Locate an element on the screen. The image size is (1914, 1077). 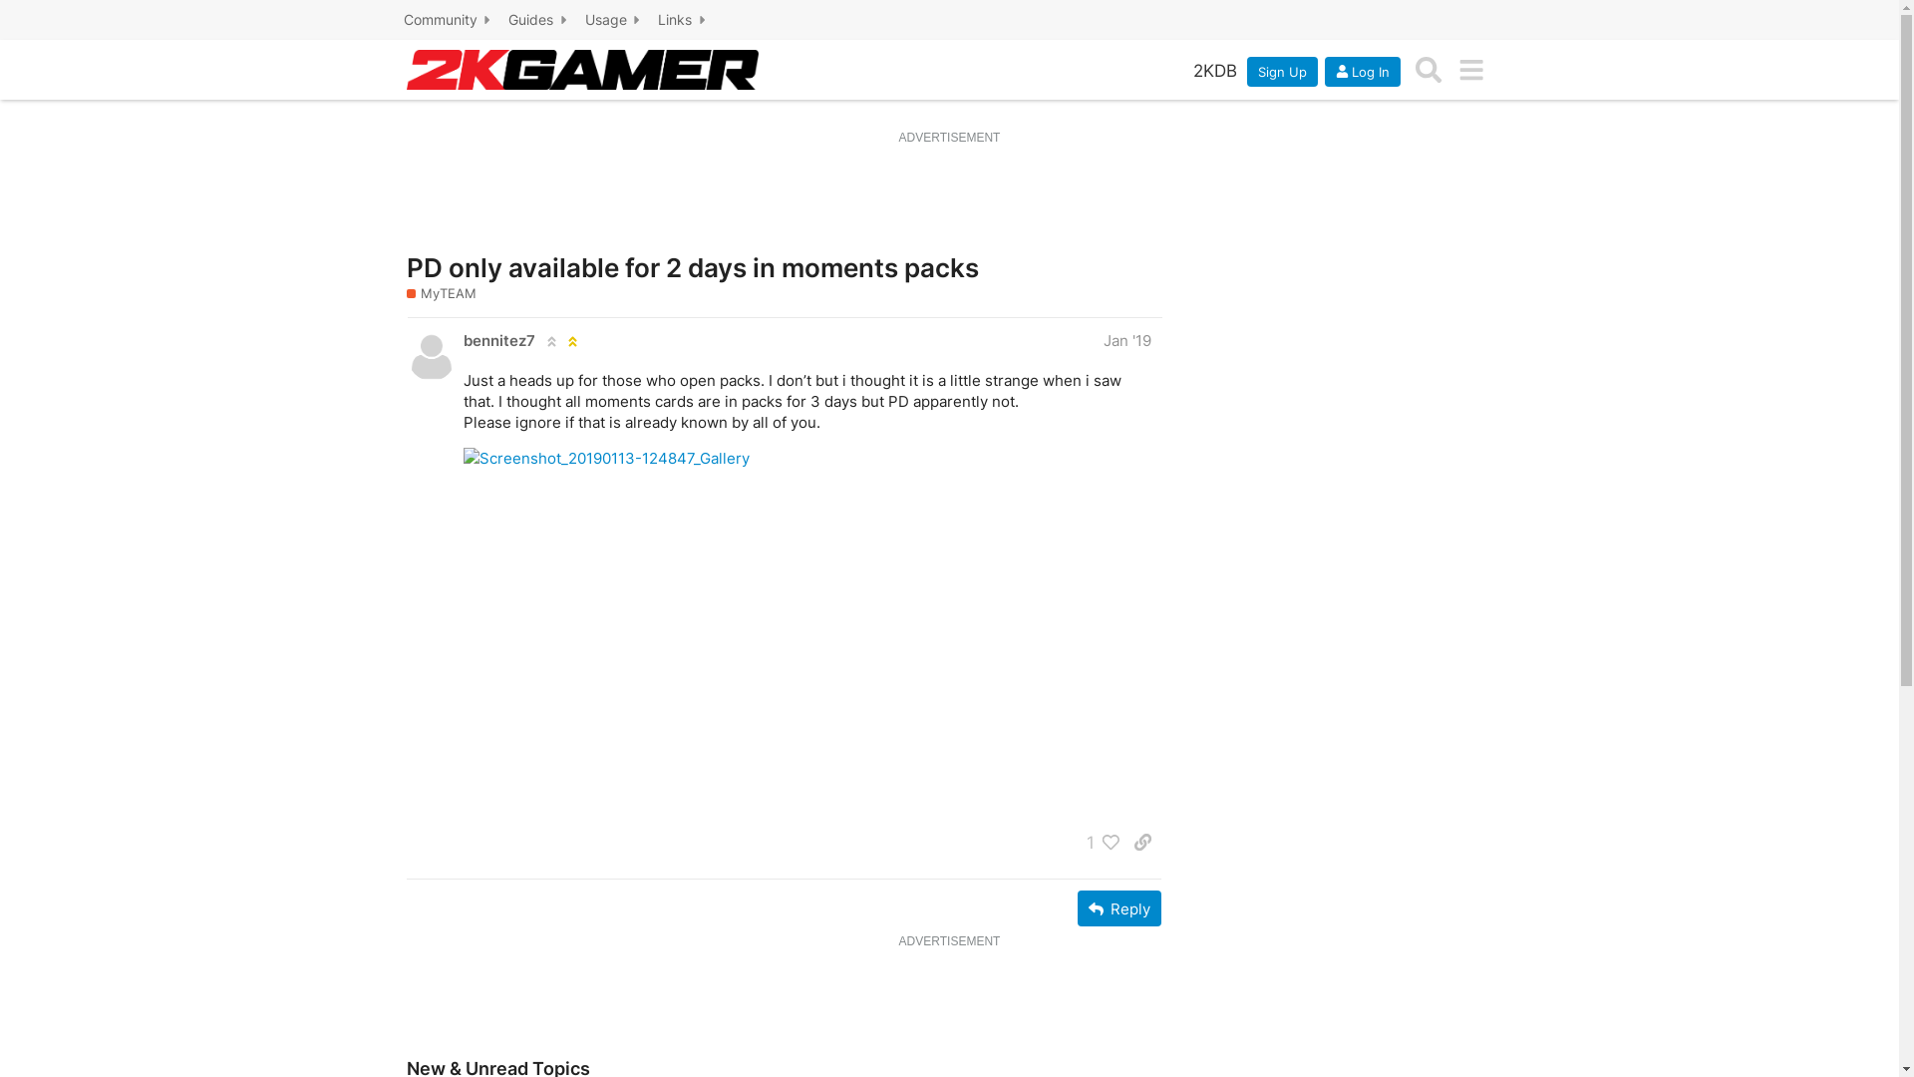
'Active member for a year, posted at least once' is located at coordinates (550, 339).